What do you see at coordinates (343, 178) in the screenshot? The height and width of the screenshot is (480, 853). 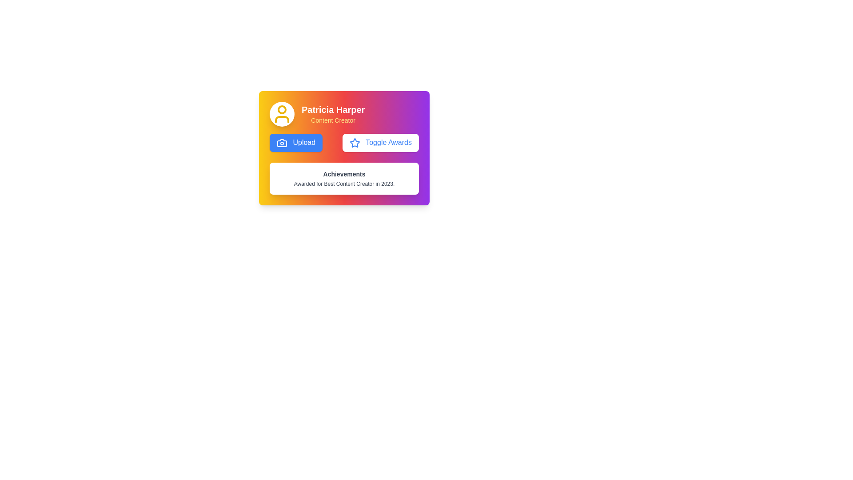 I see `the informational card titled 'Achievements', which displays the text 'Awarded for Best Content Creator in 2023.'` at bounding box center [343, 178].